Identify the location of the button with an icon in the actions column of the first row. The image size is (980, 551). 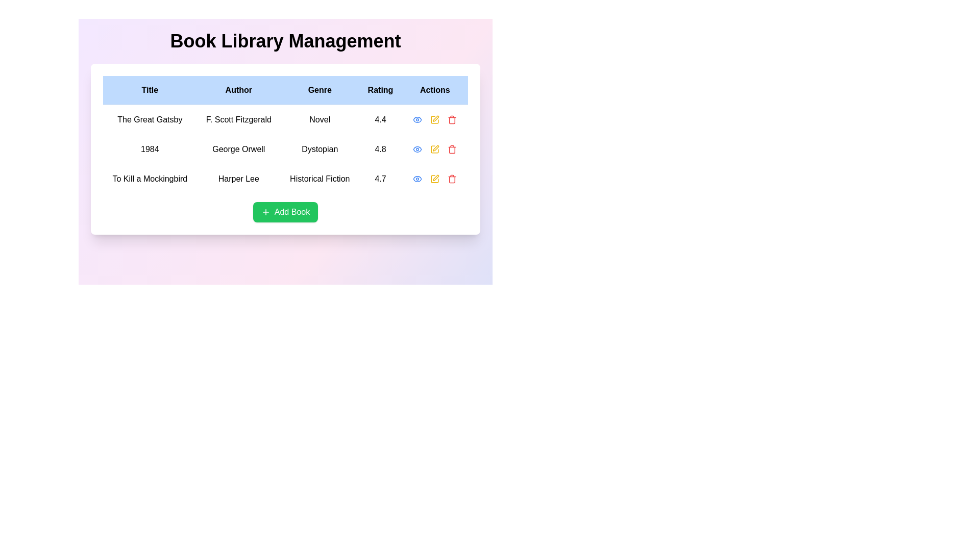
(418, 119).